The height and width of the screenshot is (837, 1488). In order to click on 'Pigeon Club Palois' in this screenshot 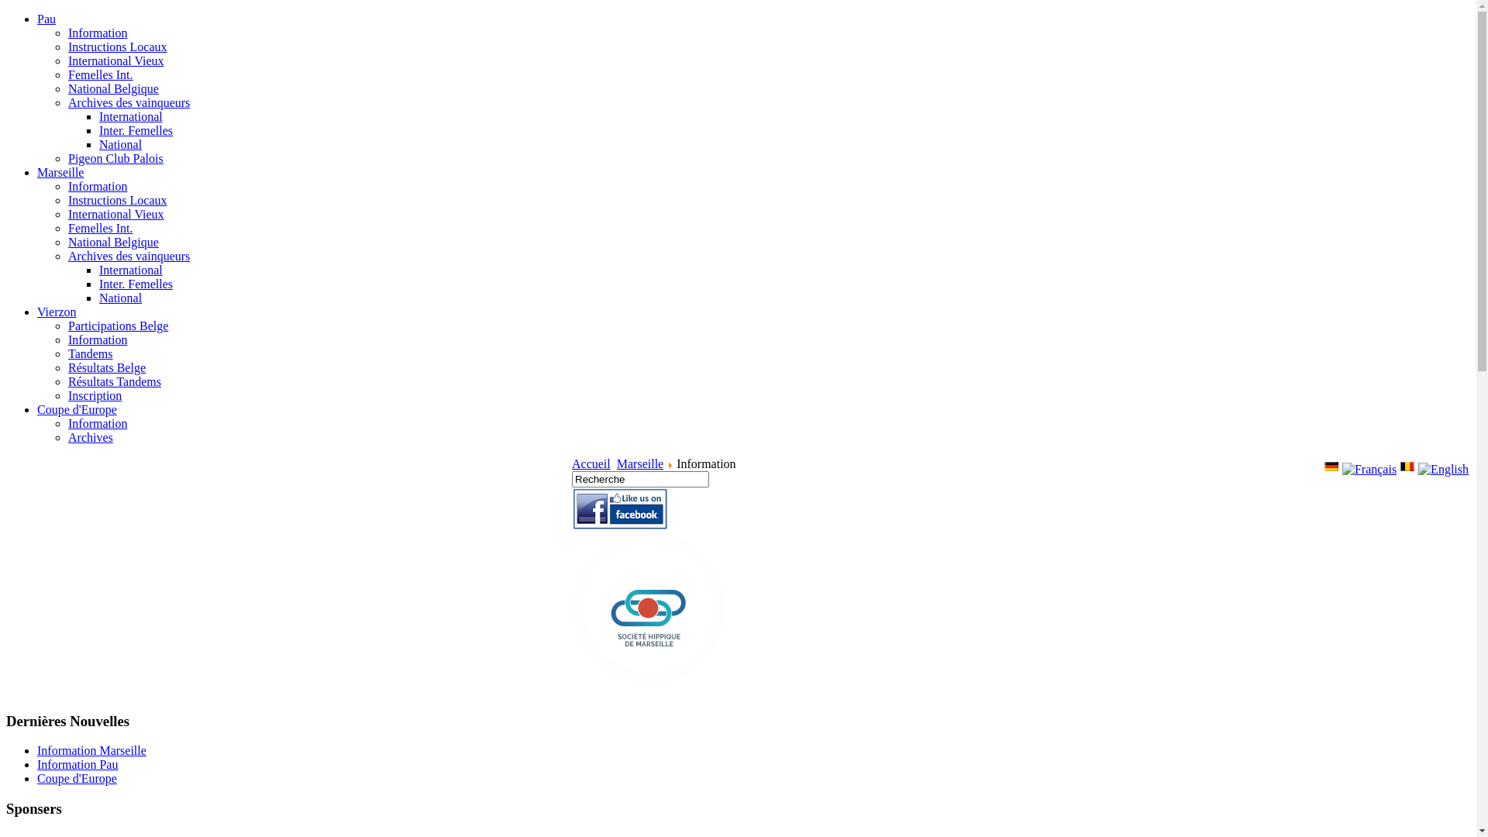, I will do `click(115, 158)`.